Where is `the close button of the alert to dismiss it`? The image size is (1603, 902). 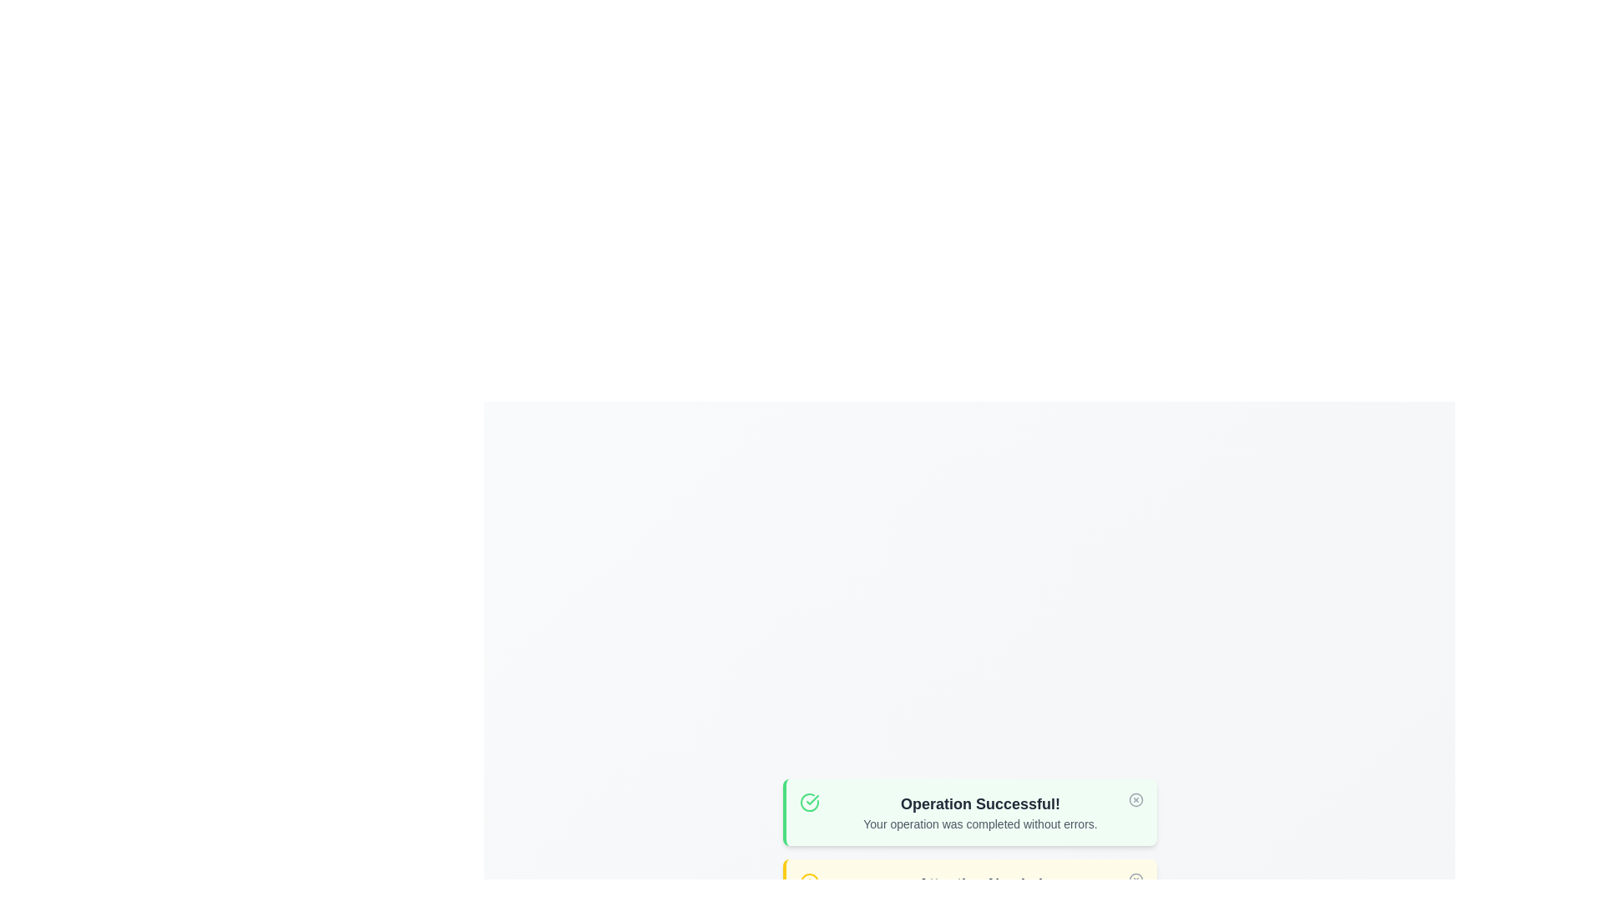
the close button of the alert to dismiss it is located at coordinates (1135, 798).